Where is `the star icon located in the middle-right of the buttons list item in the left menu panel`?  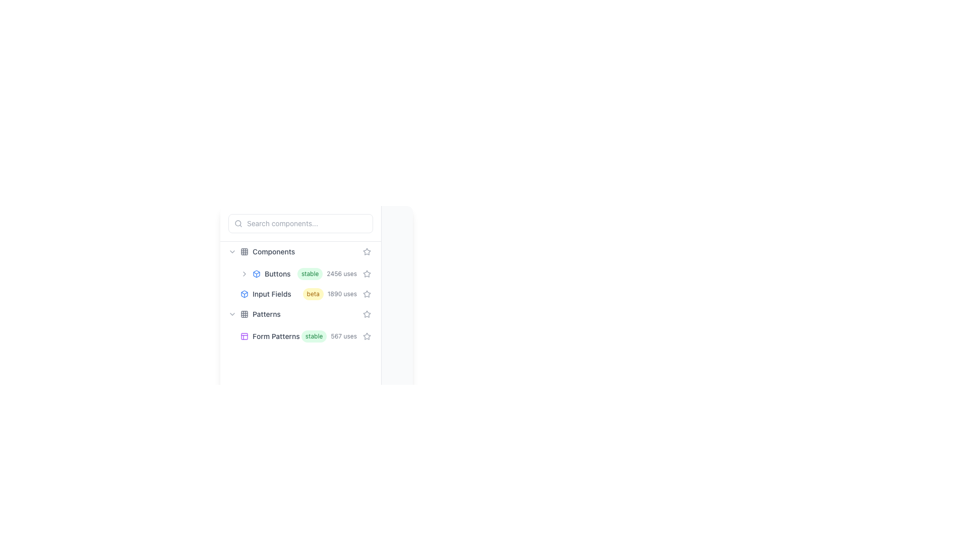 the star icon located in the middle-right of the buttons list item in the left menu panel is located at coordinates (367, 274).